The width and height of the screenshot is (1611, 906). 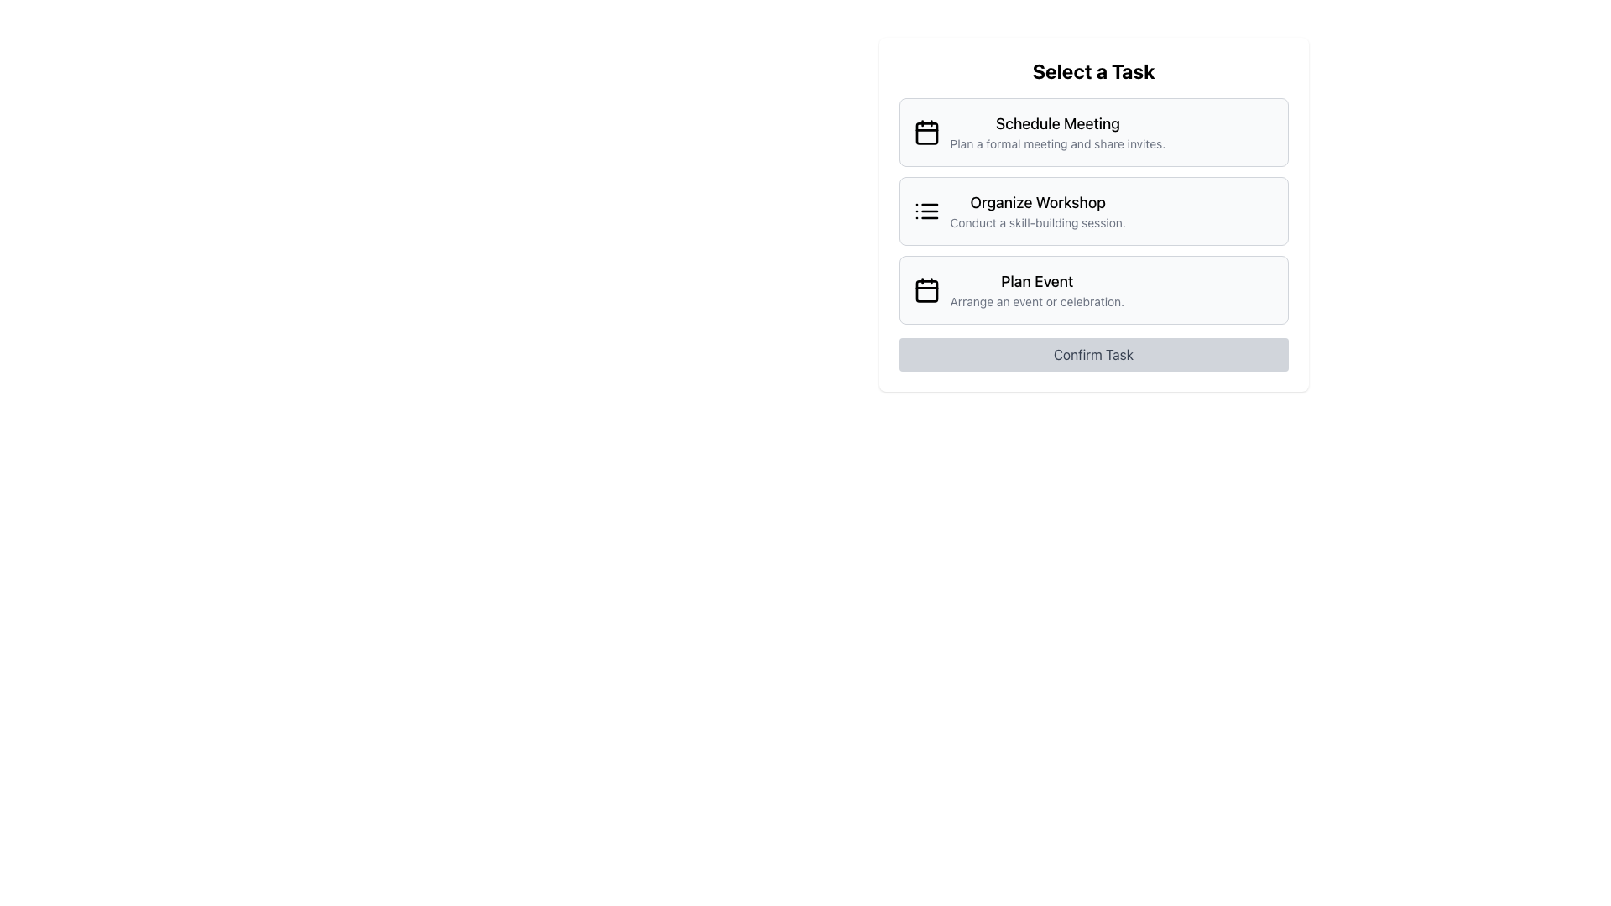 What do you see at coordinates (1037, 210) in the screenshot?
I see `to select the task 'Organize Workshop' from the selectable list, which appears as the second item in a vertical list of tasks` at bounding box center [1037, 210].